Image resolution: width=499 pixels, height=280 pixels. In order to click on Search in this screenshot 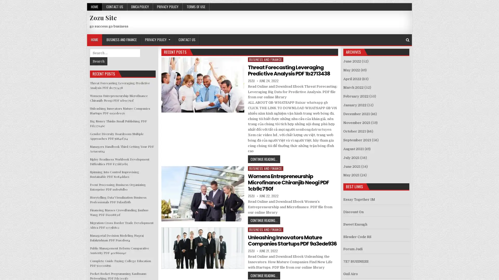, I will do `click(98, 61)`.